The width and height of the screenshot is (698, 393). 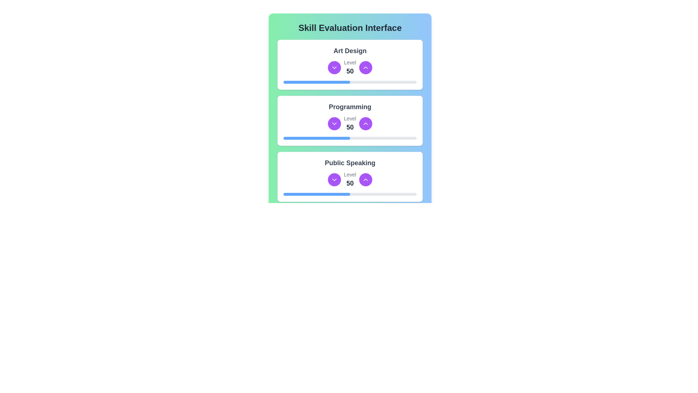 I want to click on the slider value, so click(x=345, y=194).